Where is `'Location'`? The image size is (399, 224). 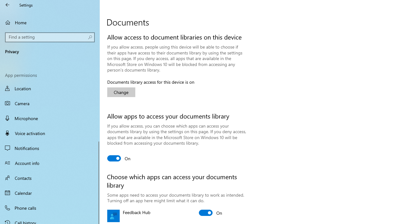 'Location' is located at coordinates (50, 89).